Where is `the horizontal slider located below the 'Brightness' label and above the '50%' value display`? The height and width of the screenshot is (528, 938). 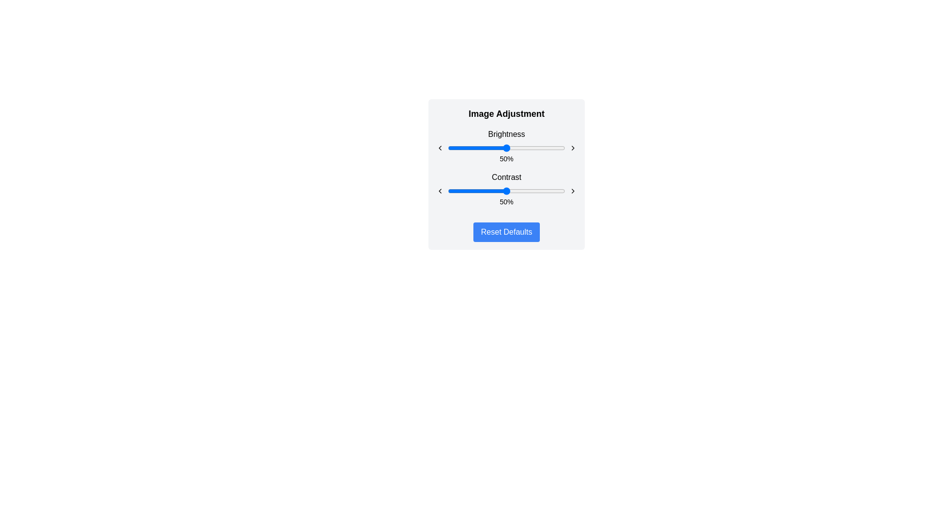 the horizontal slider located below the 'Brightness' label and above the '50%' value display is located at coordinates (506, 148).